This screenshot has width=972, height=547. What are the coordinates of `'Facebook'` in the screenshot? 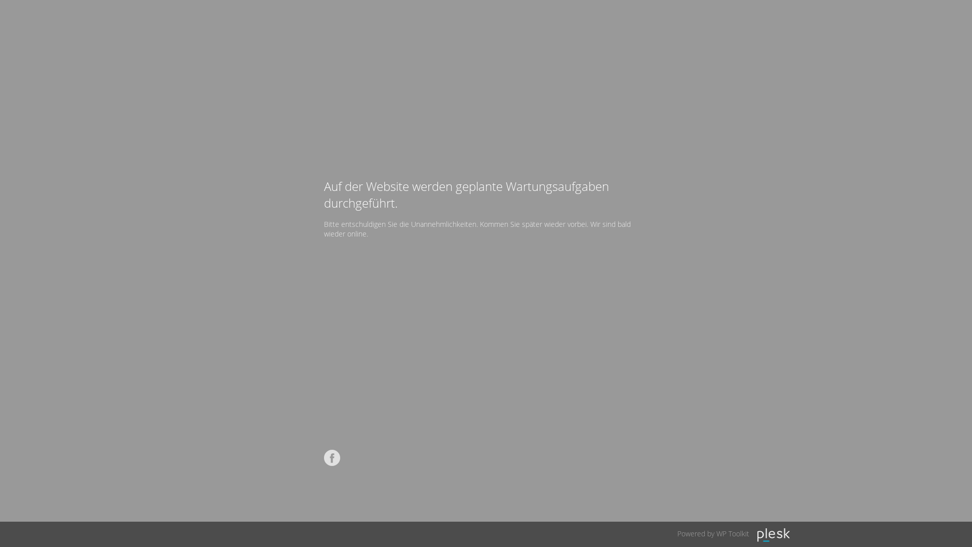 It's located at (332, 457).